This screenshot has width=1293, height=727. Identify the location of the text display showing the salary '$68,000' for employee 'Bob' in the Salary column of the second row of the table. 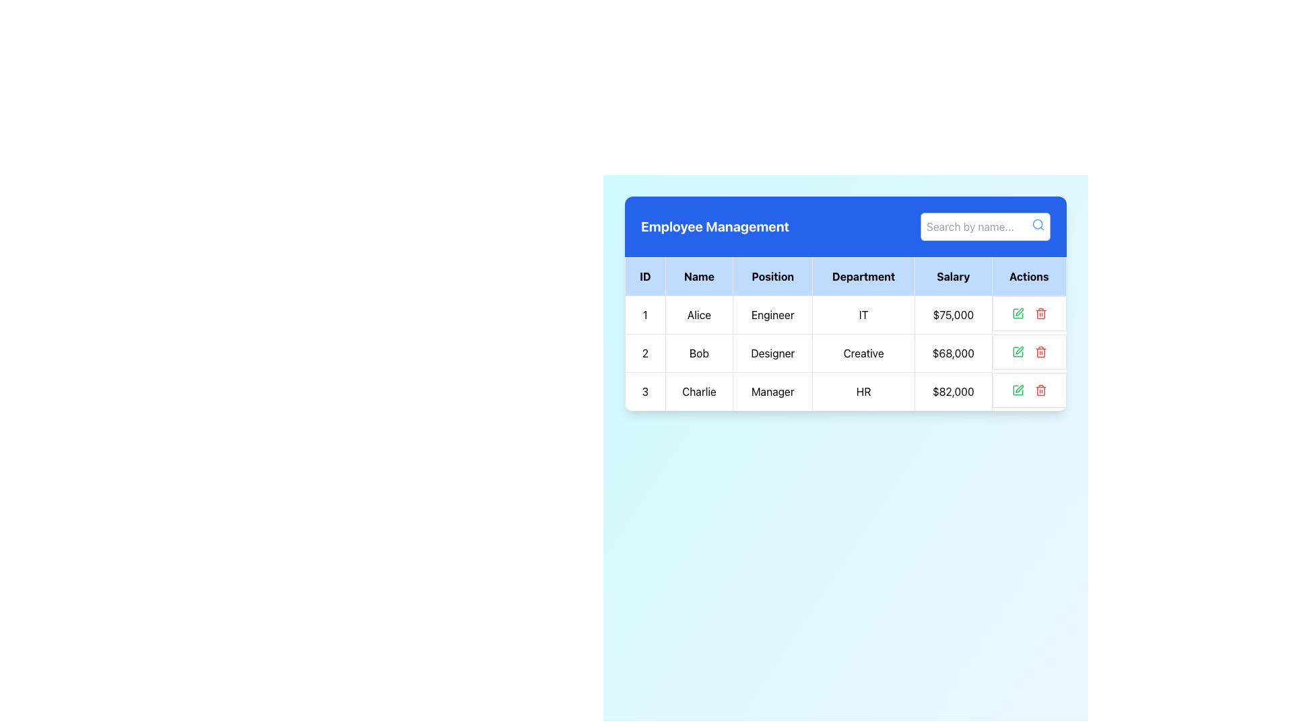
(952, 352).